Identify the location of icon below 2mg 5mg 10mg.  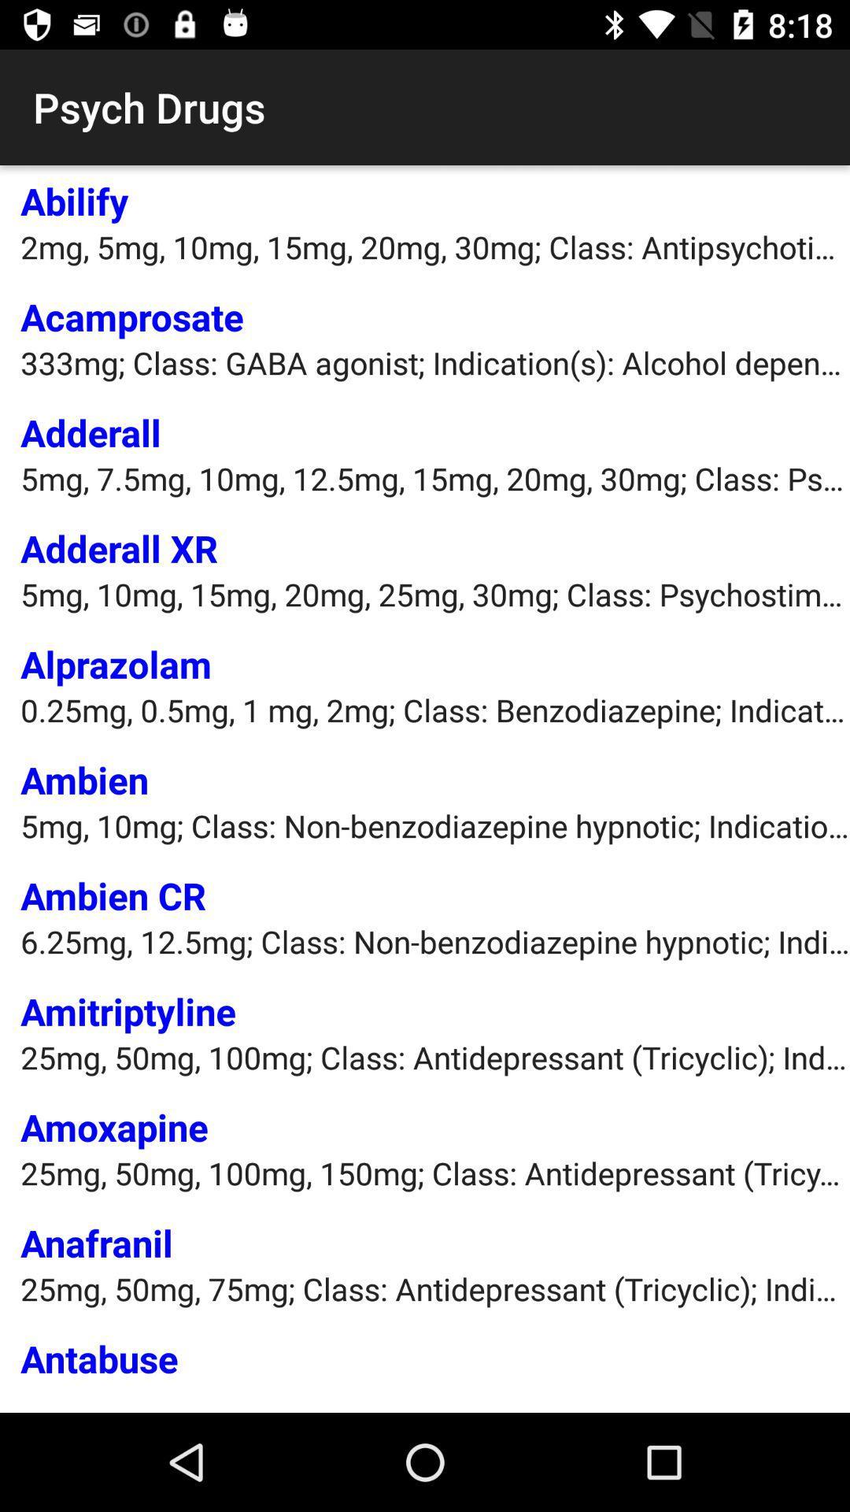
(131, 316).